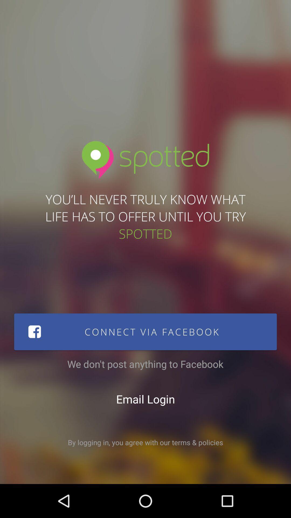 This screenshot has width=291, height=518. What do you see at coordinates (145, 442) in the screenshot?
I see `item below the email login item` at bounding box center [145, 442].